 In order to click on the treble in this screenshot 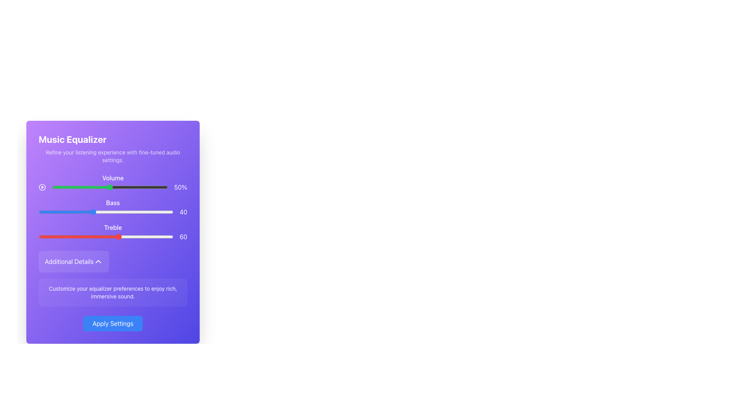, I will do `click(82, 236)`.